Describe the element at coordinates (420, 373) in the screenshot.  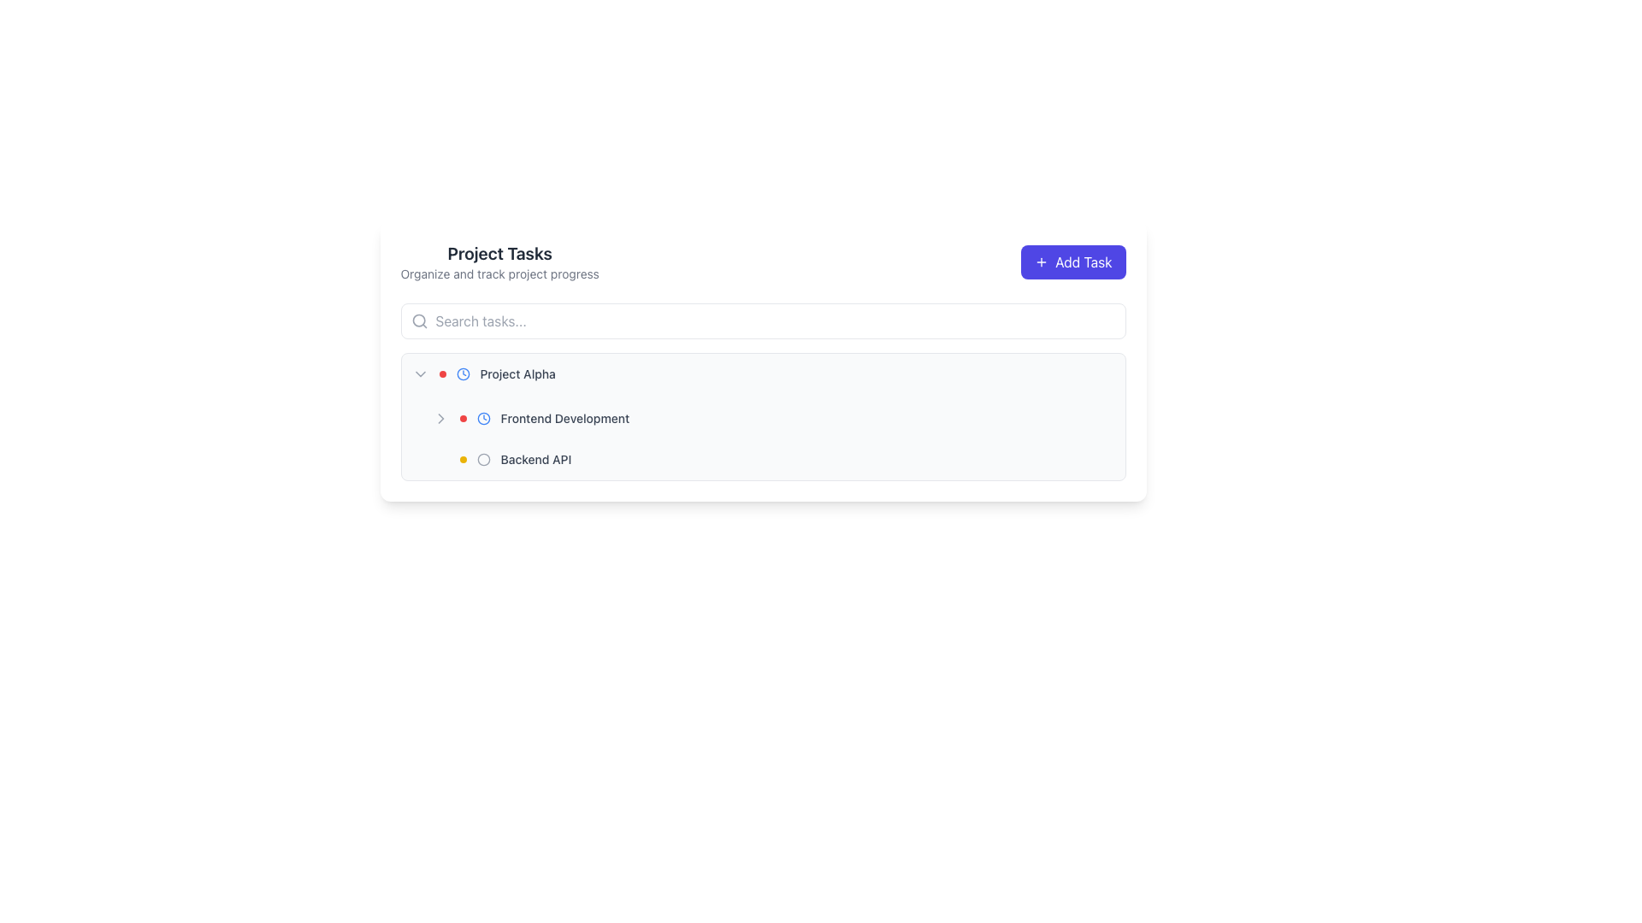
I see `the small downward-facing chevron icon button next to 'Project Alpha'` at that location.